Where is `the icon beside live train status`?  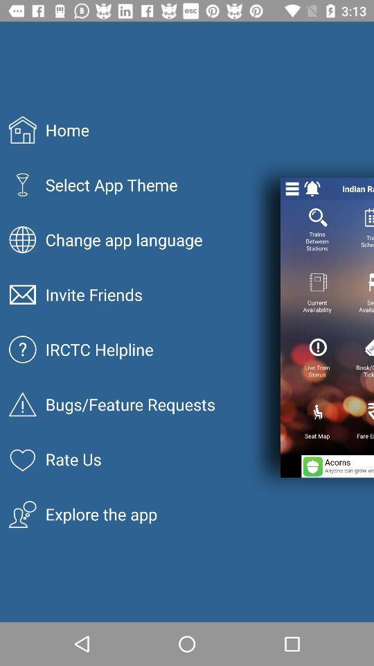
the icon beside live train status is located at coordinates (369, 347).